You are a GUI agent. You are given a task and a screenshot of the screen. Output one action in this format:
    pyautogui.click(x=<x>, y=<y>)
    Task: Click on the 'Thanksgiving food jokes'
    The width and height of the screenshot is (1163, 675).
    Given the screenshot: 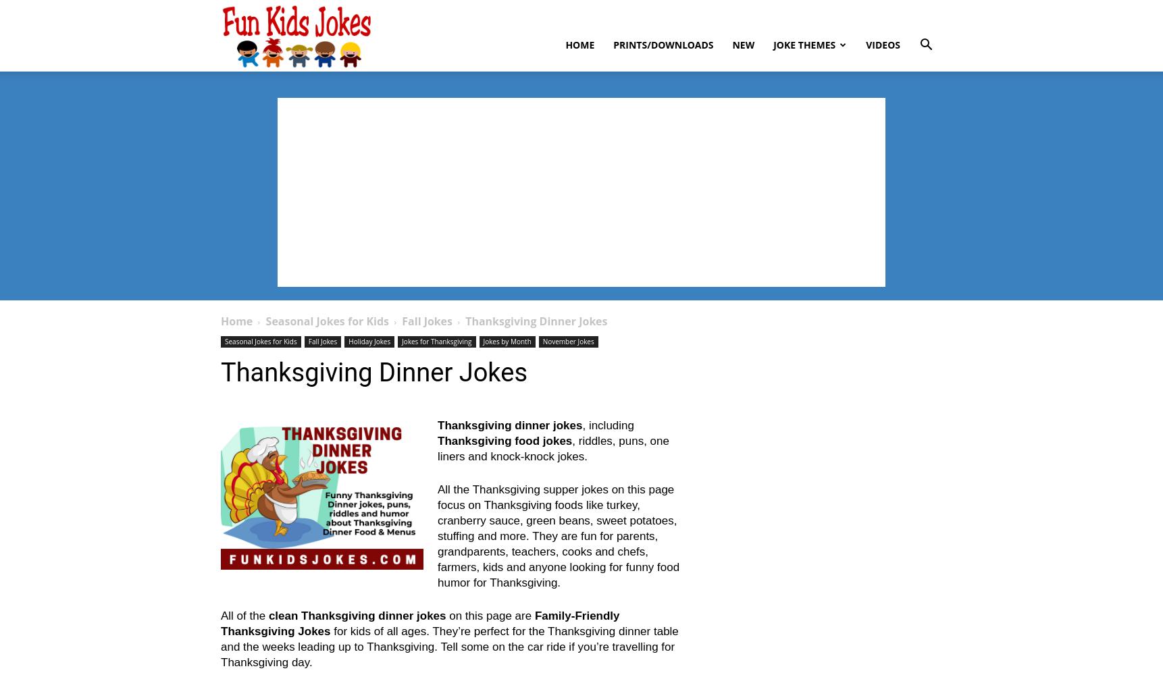 What is the action you would take?
    pyautogui.click(x=505, y=441)
    